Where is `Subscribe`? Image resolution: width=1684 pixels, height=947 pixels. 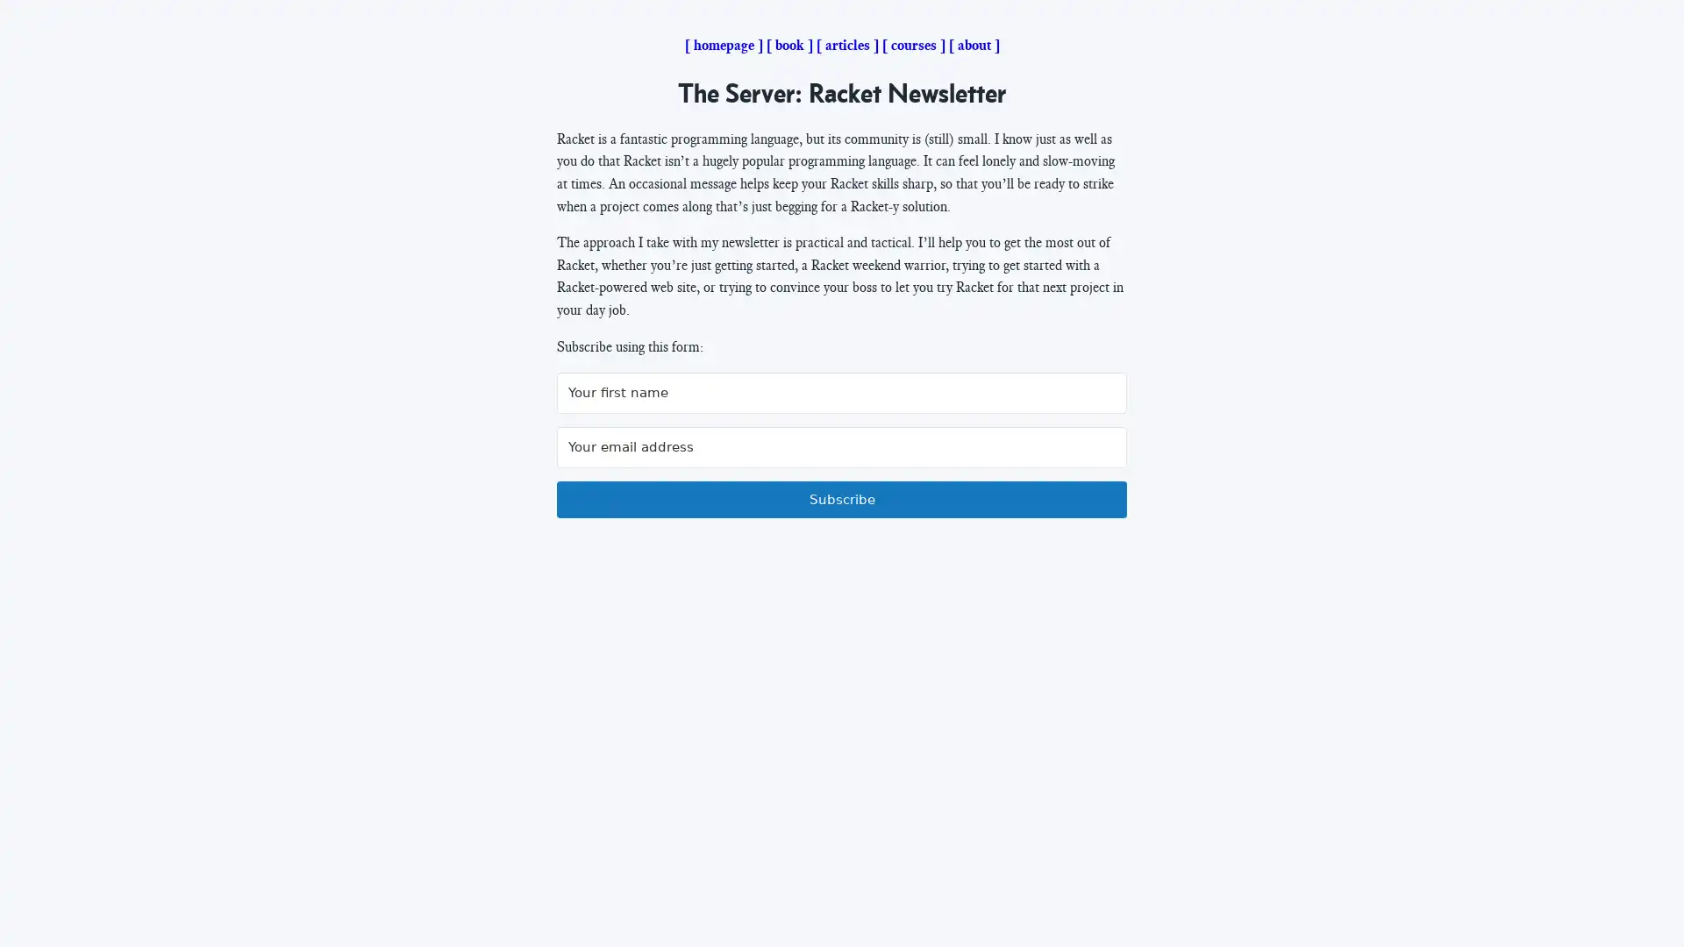 Subscribe is located at coordinates (842, 500).